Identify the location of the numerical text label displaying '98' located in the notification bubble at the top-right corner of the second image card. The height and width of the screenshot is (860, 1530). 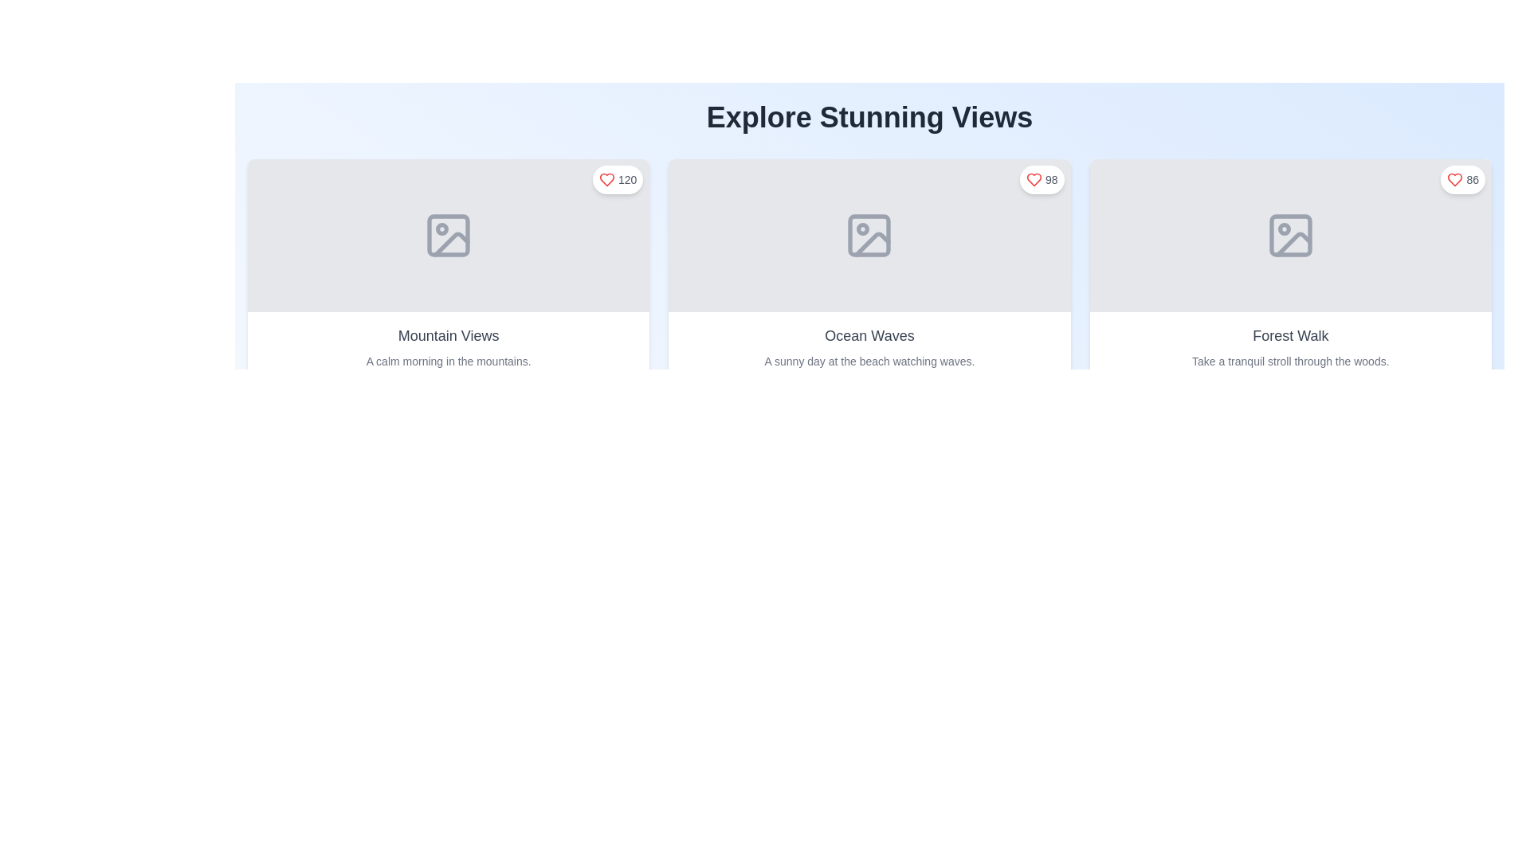
(1051, 179).